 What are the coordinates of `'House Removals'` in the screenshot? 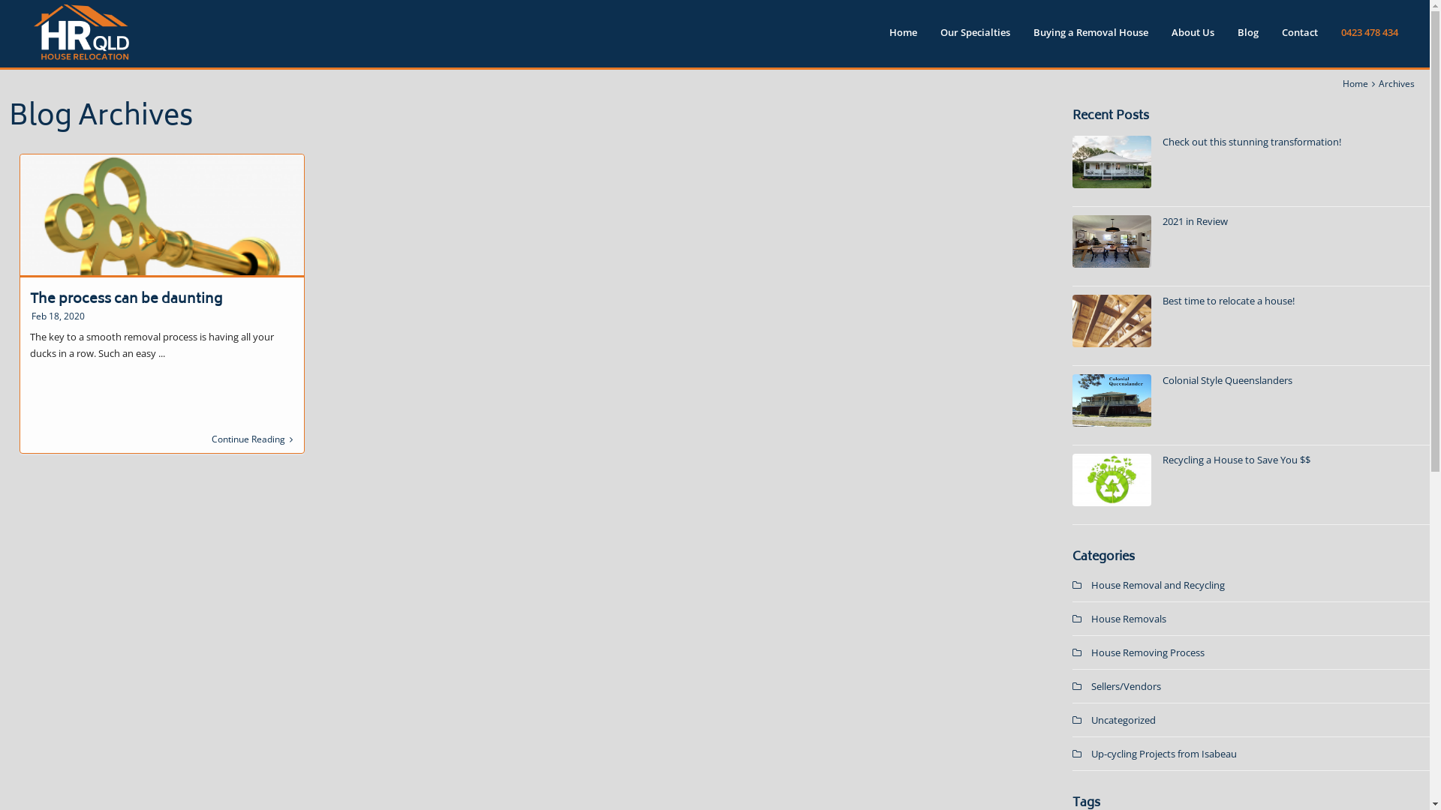 It's located at (1128, 619).